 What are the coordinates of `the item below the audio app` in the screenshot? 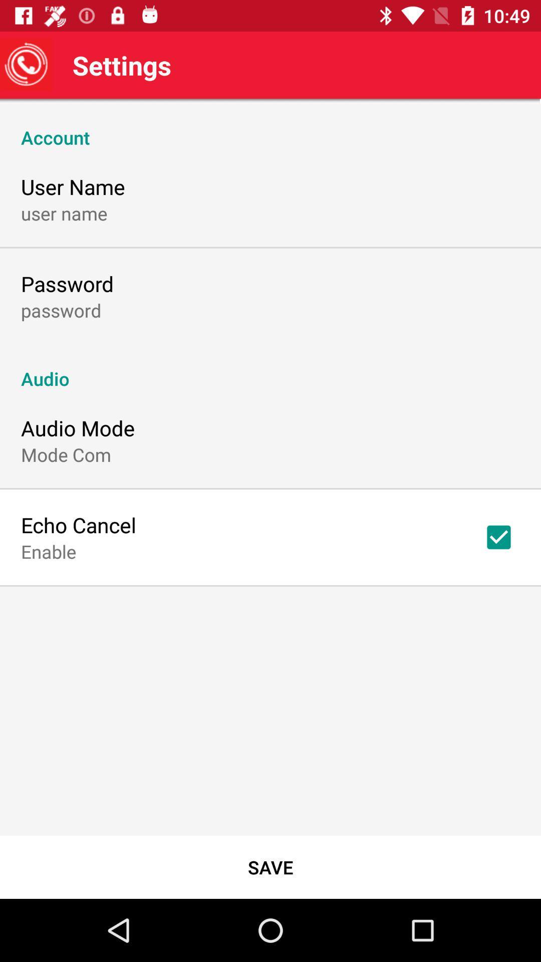 It's located at (498, 537).